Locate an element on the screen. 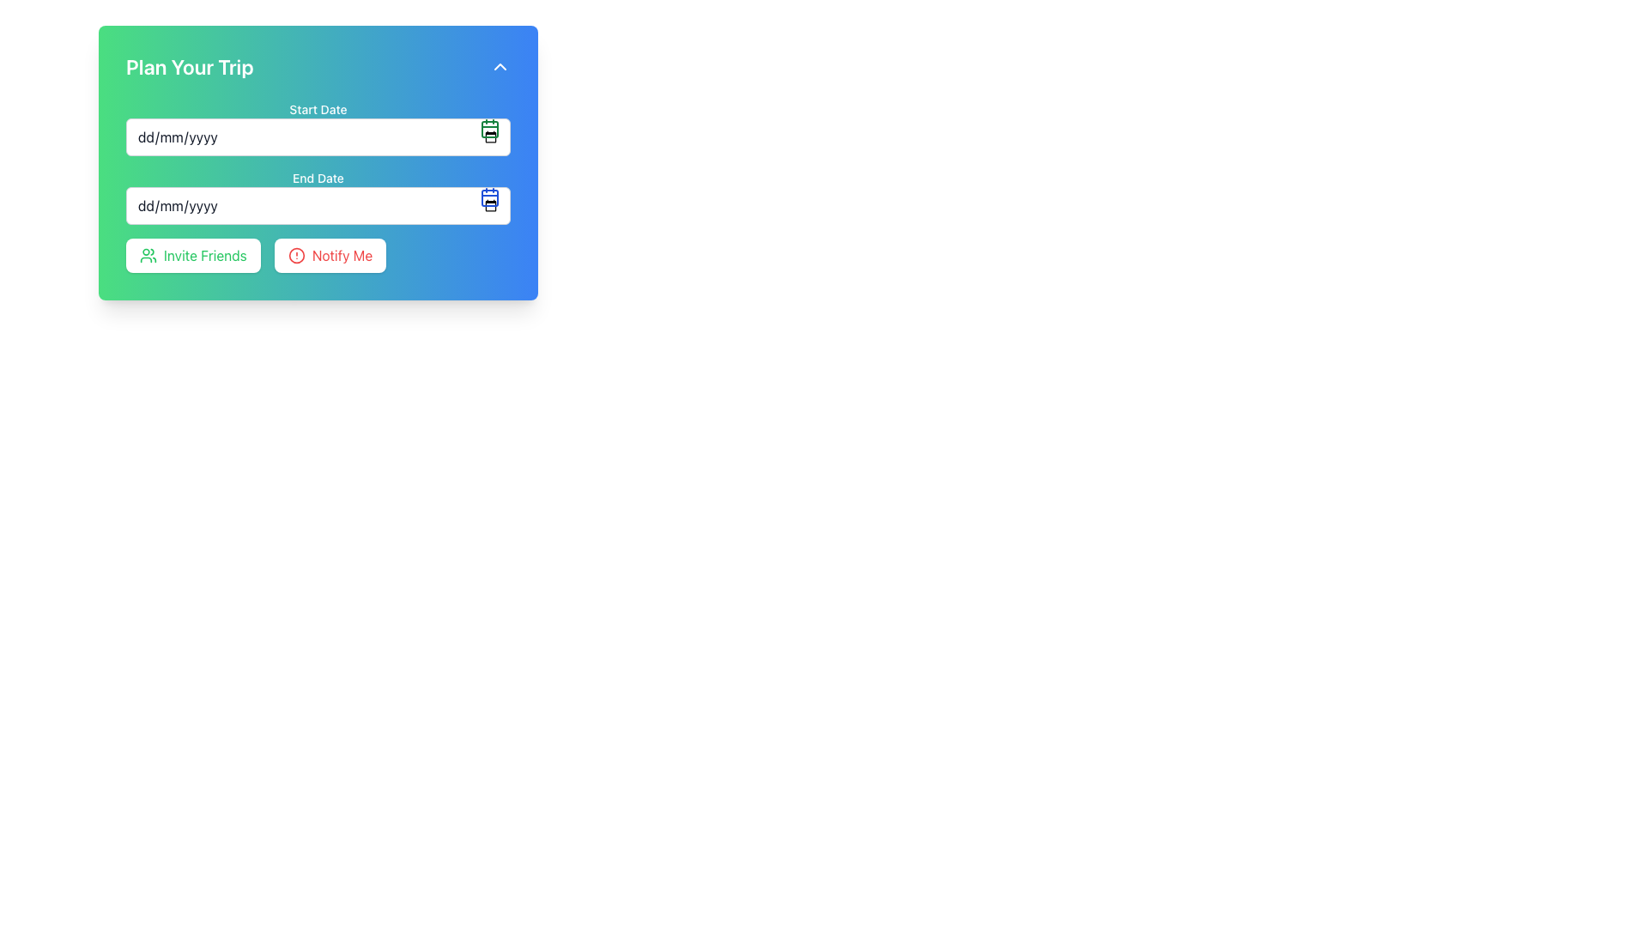  the 'End Date' label which provides context for the user to input or select an end date for their trip is located at coordinates (318, 179).